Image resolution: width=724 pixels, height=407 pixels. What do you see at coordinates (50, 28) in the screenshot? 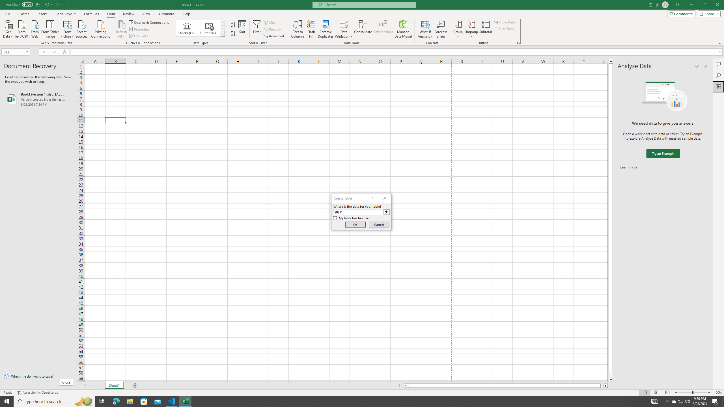
I see `'From Table/Range'` at bounding box center [50, 28].